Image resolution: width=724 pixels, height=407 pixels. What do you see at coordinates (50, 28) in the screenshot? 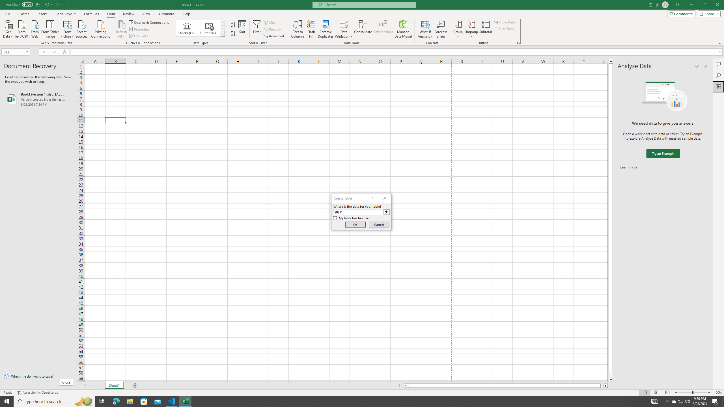
I see `'From Table/Range'` at bounding box center [50, 28].